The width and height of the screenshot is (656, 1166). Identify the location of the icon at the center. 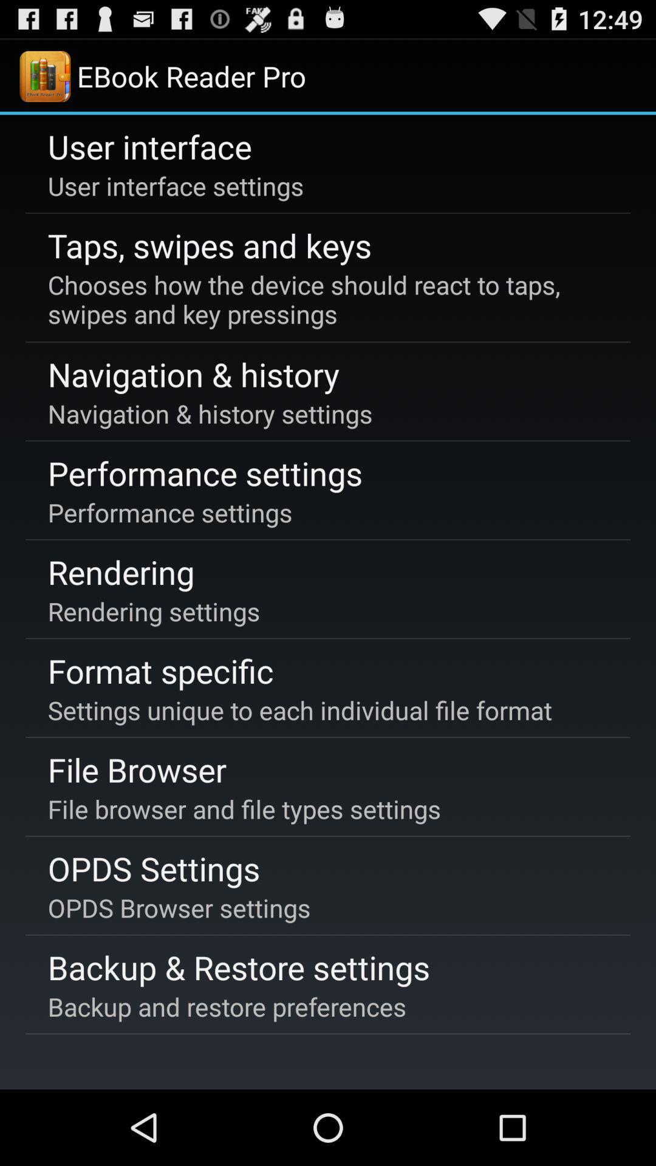
(299, 710).